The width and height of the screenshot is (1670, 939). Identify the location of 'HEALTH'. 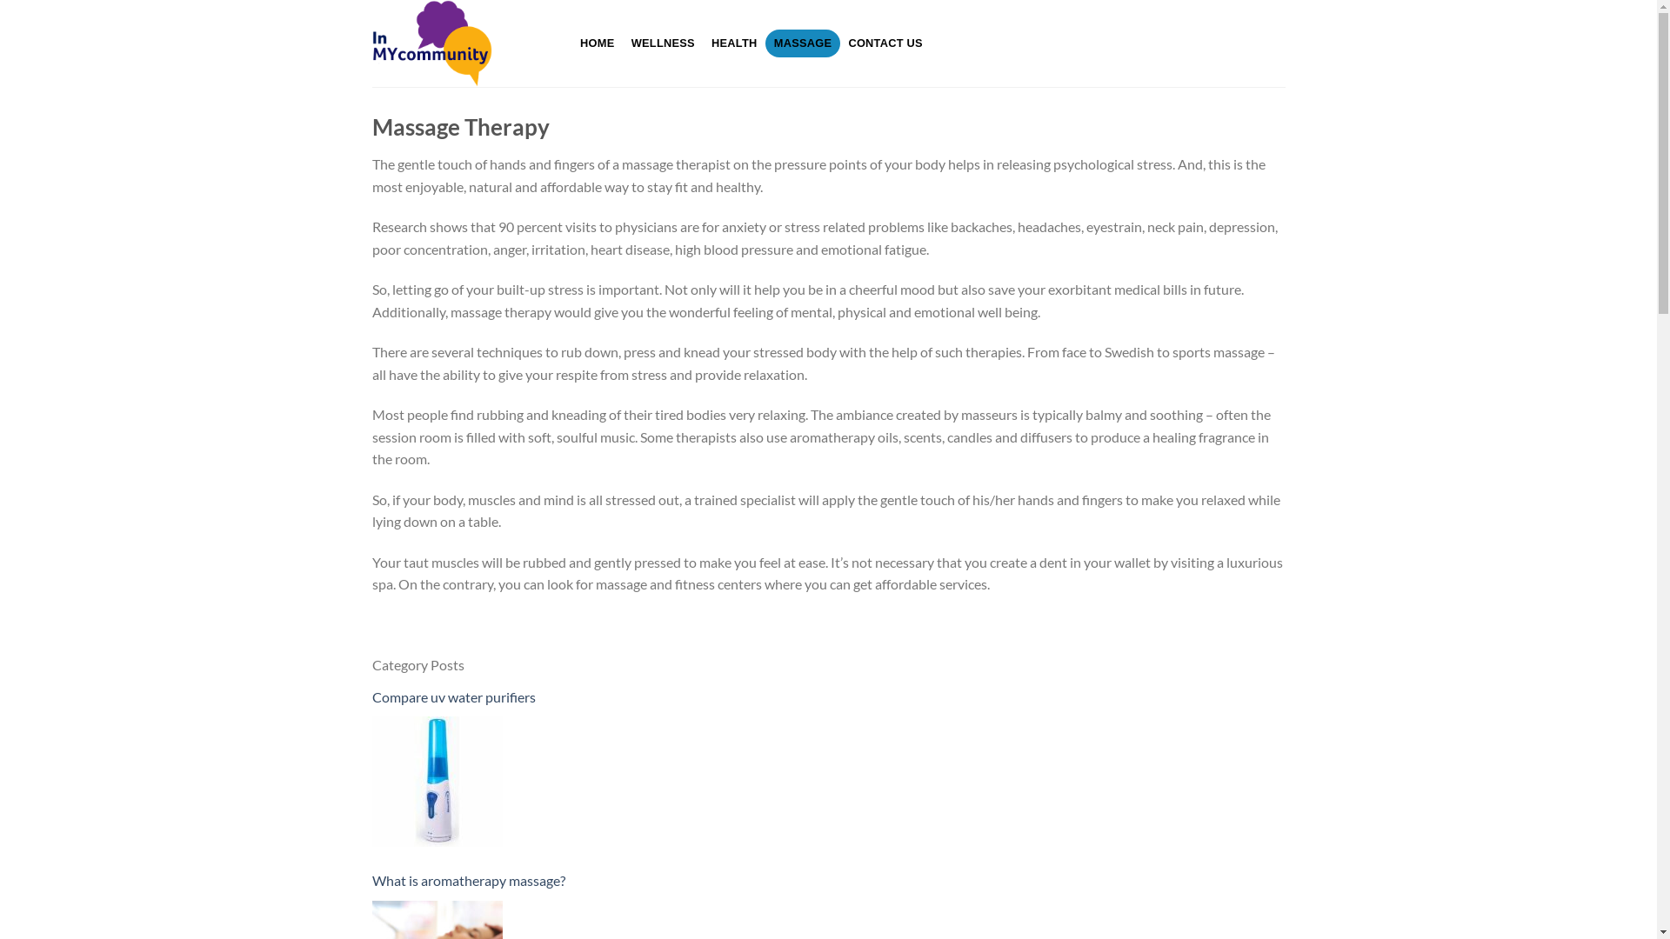
(702, 43).